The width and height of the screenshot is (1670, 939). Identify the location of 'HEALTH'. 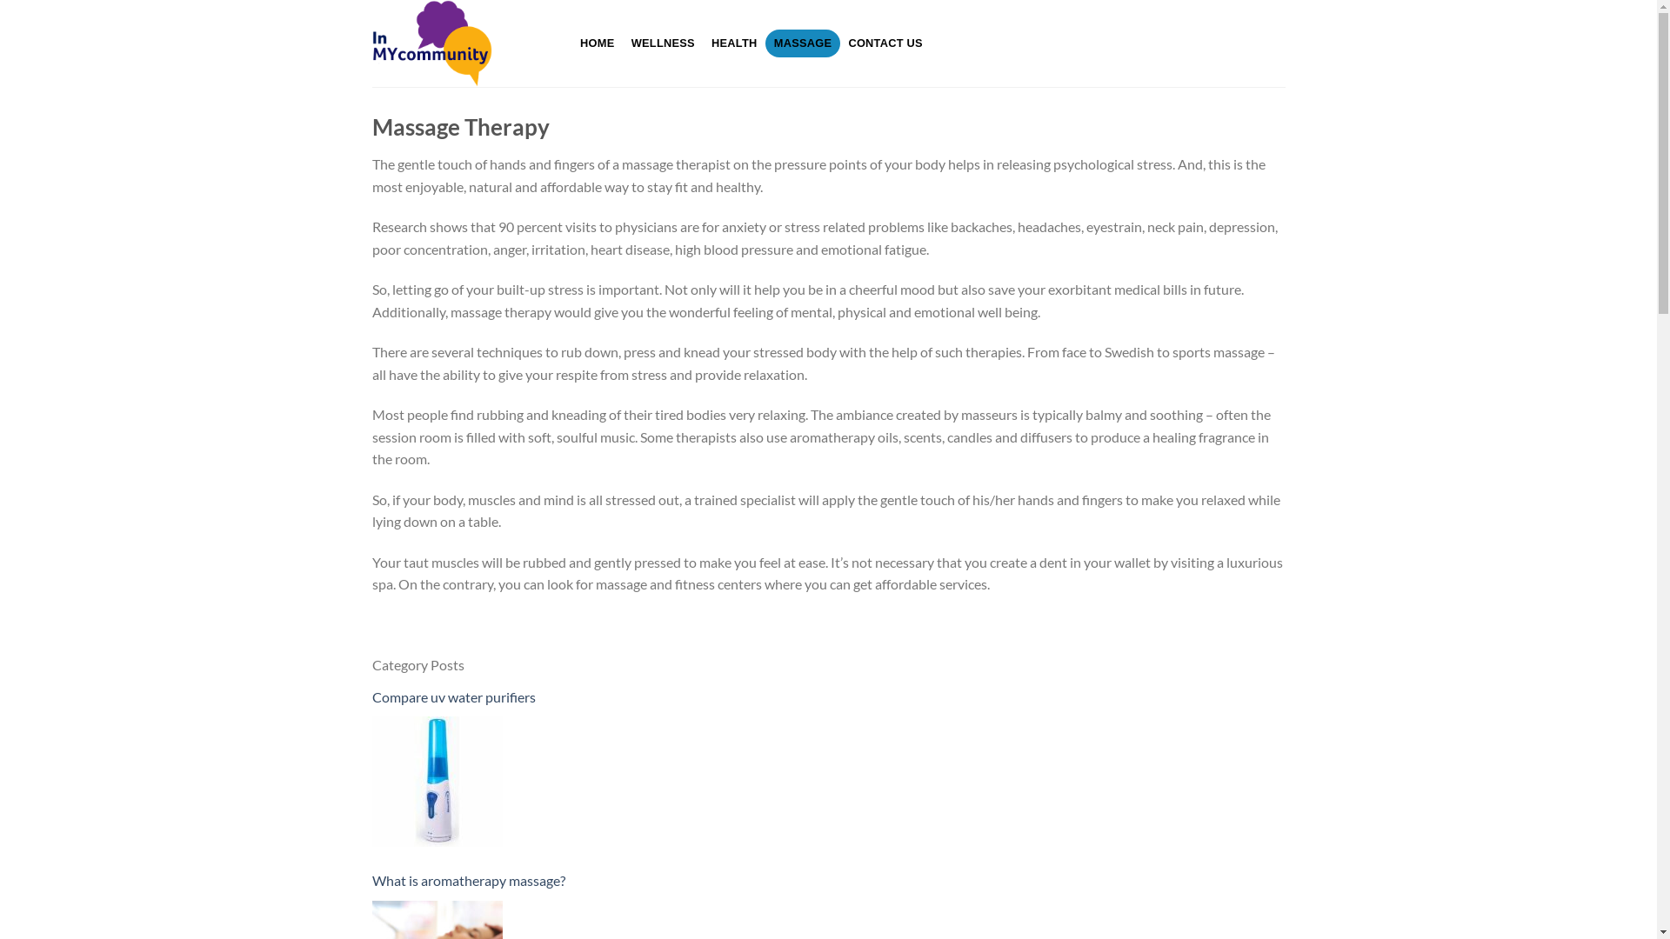
(702, 43).